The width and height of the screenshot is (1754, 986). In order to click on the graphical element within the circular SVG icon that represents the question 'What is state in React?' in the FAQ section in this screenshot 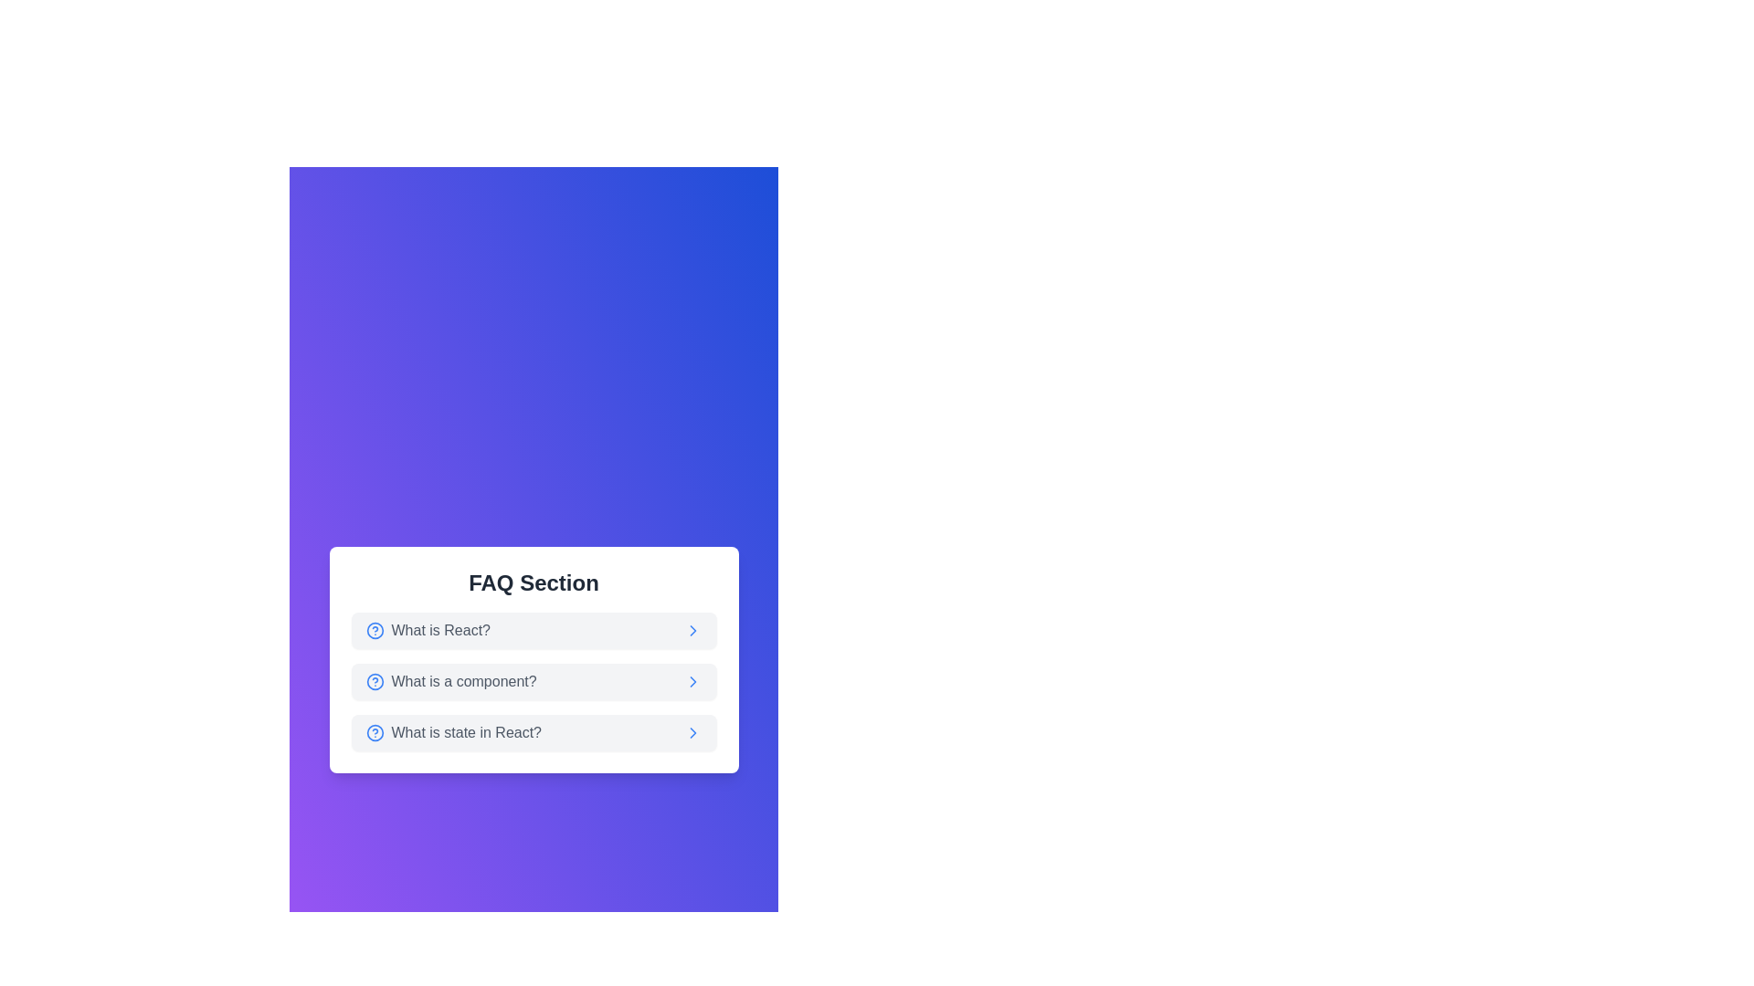, I will do `click(374, 731)`.